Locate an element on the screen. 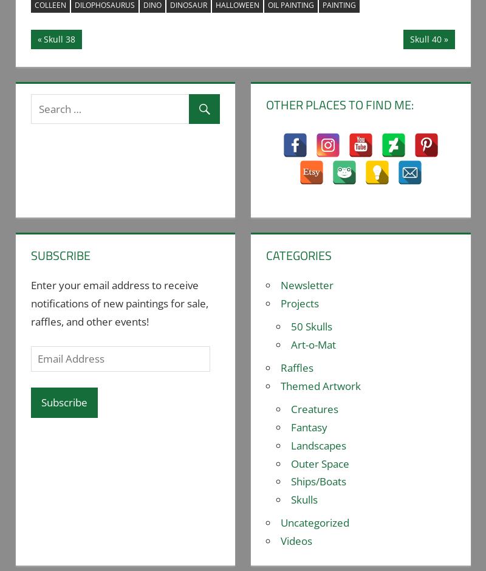 The width and height of the screenshot is (486, 571). 'Newsletter' is located at coordinates (306, 284).